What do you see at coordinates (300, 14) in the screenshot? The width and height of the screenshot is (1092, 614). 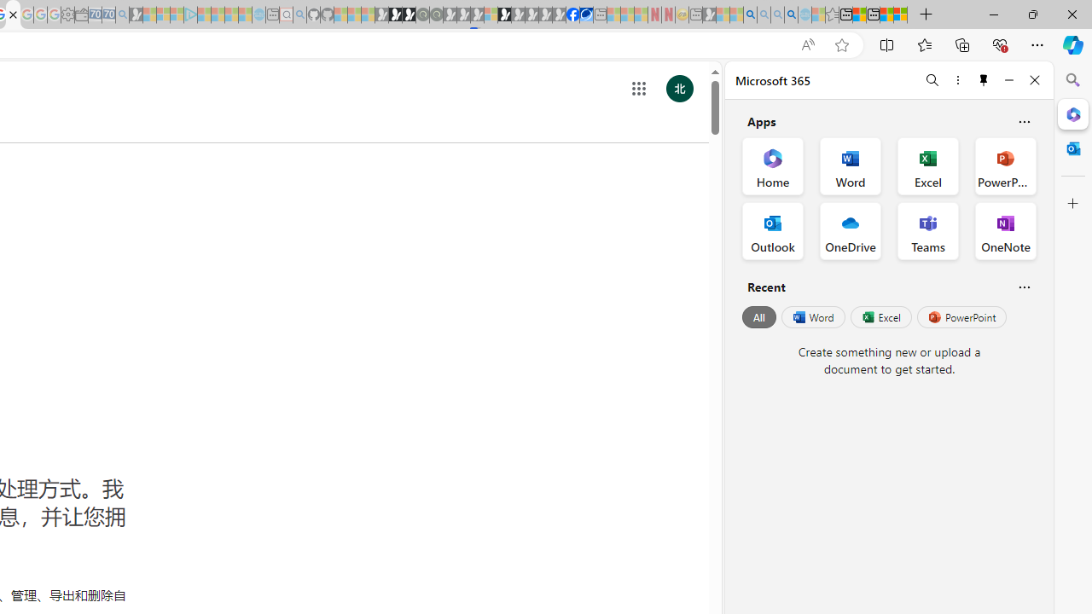 I see `'github - Search - Sleeping'` at bounding box center [300, 14].